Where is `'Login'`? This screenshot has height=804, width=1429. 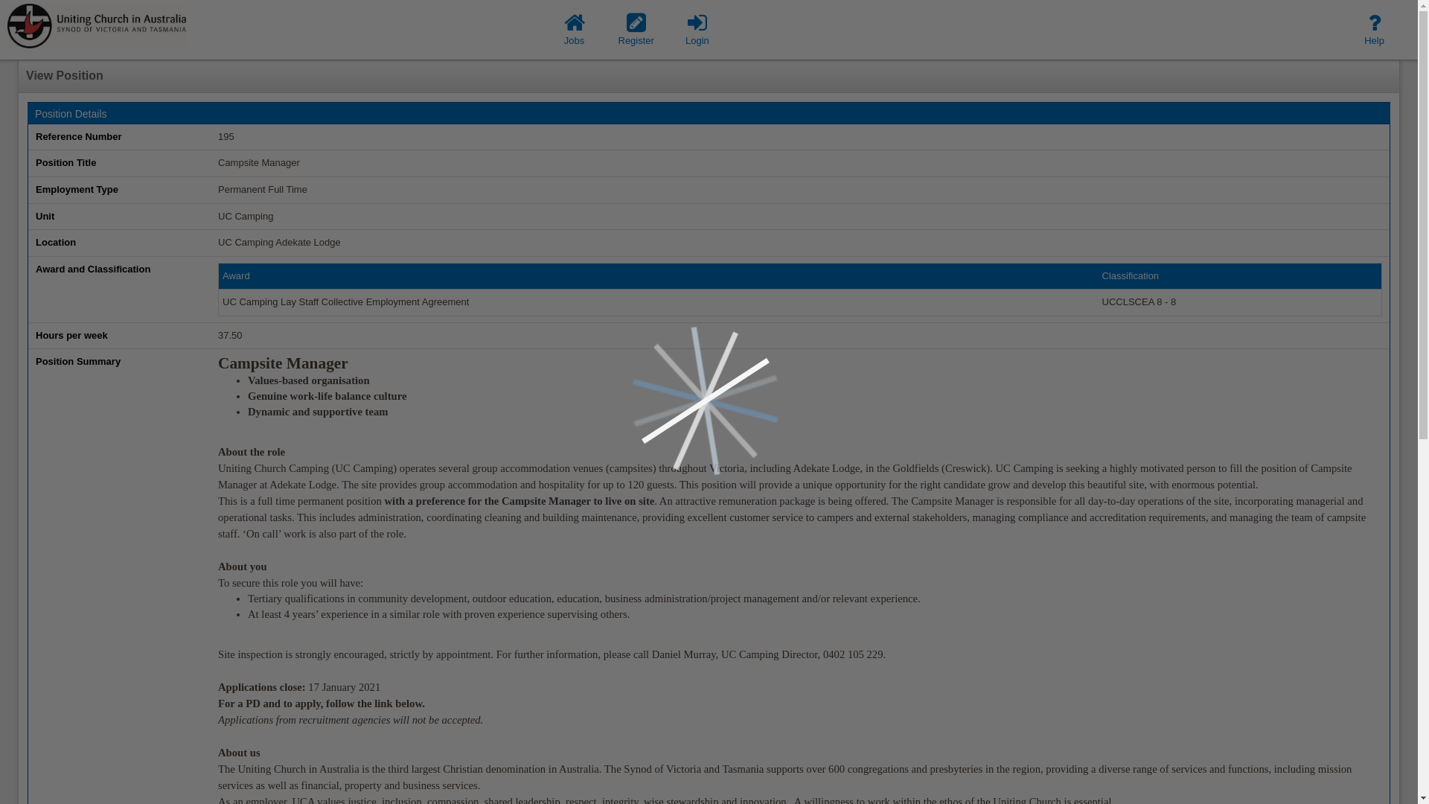
'Login' is located at coordinates (696, 29).